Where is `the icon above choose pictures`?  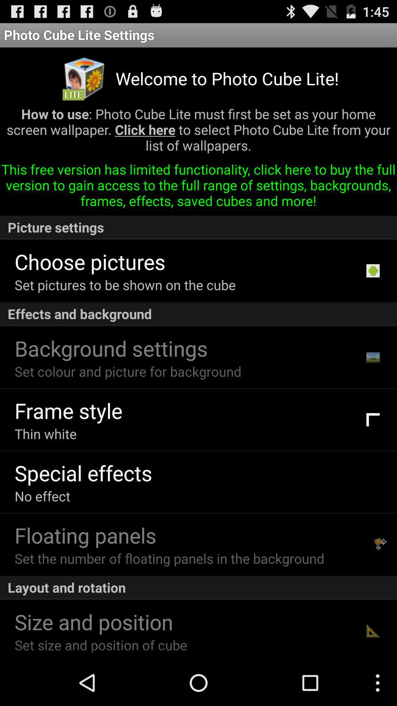
the icon above choose pictures is located at coordinates (198, 227).